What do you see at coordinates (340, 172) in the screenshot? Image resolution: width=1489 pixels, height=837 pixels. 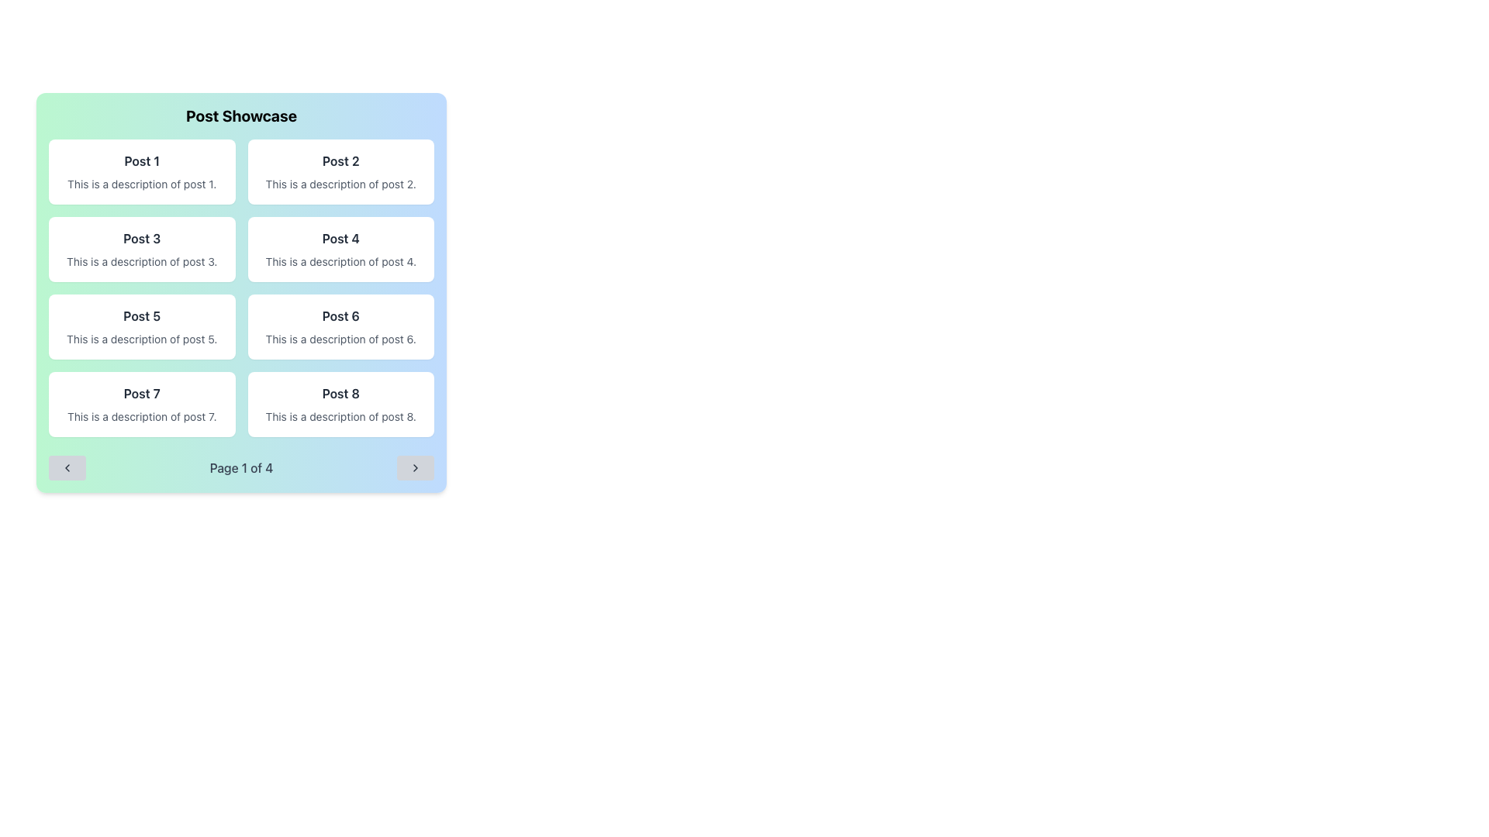 I see `the card displaying information for 'Post 2' located in the top-right position of the grid layout` at bounding box center [340, 172].